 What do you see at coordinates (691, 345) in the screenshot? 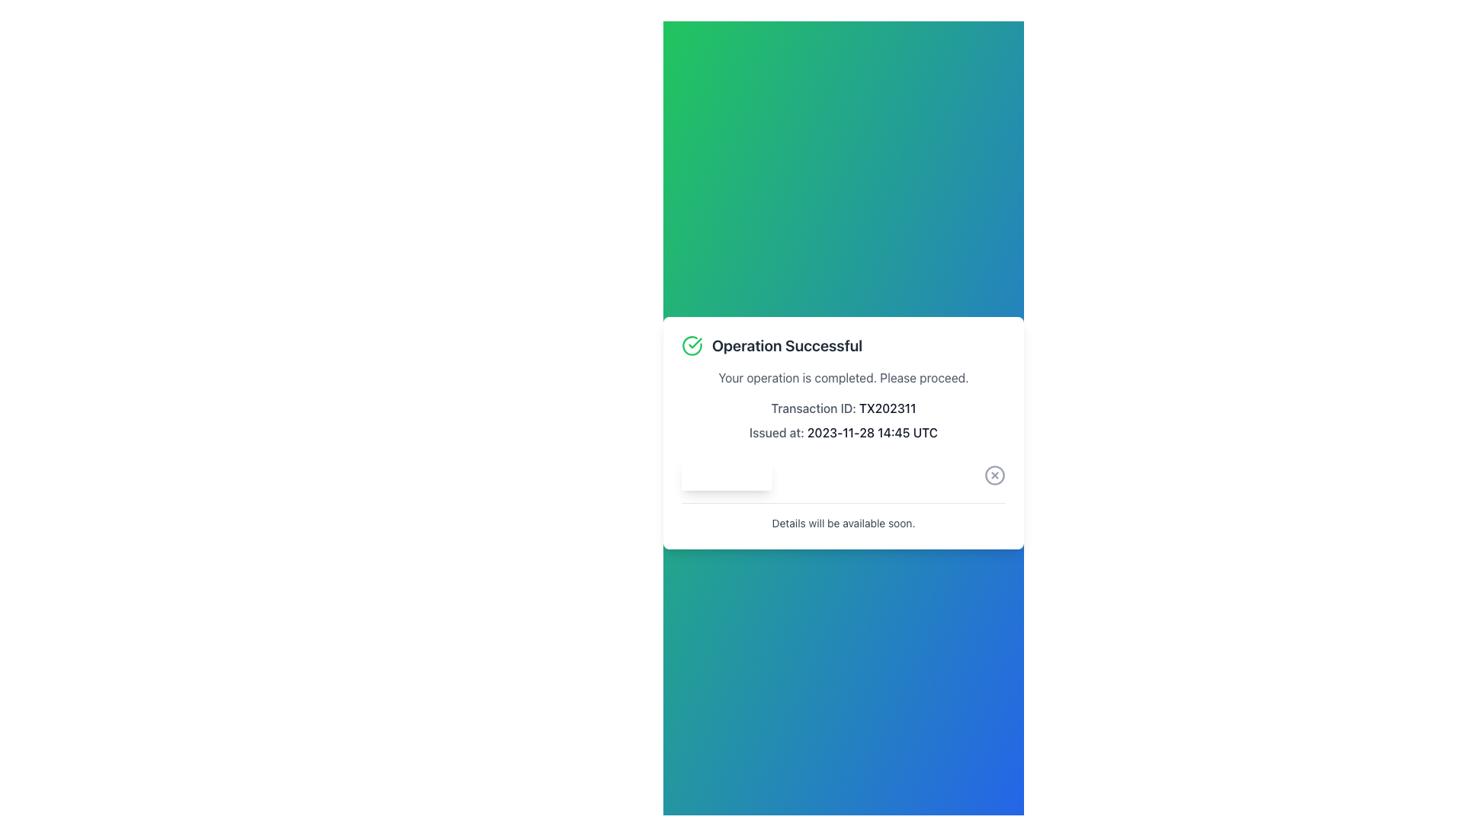
I see `the success icon located within the notification area that indicates 'Operation Successful', positioned at the top-left of the notification group` at bounding box center [691, 345].